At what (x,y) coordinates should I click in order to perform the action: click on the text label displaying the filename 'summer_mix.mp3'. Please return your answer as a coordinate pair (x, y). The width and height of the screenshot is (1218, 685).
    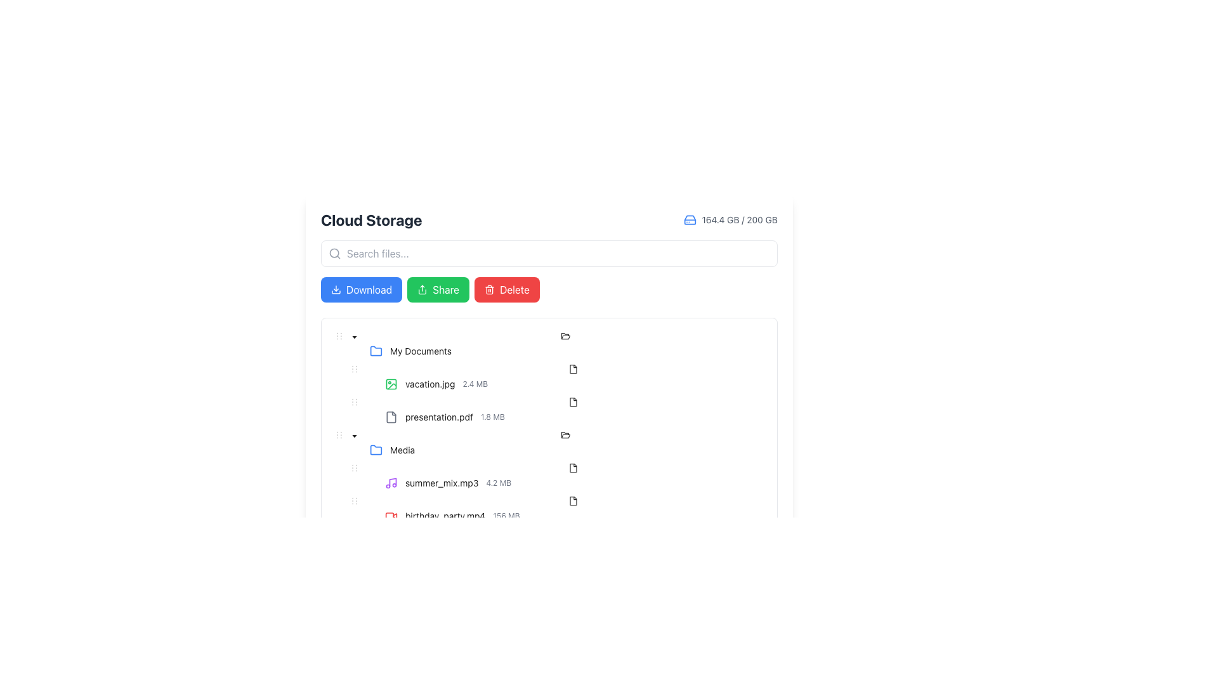
    Looking at the image, I should click on (442, 483).